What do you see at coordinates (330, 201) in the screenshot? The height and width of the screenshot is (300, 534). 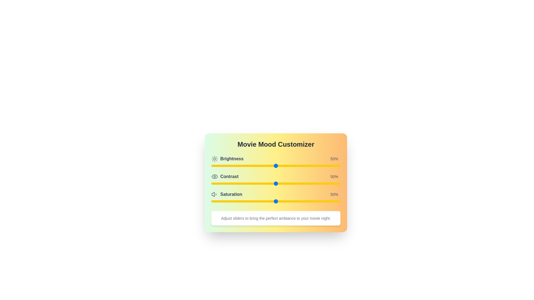 I see `the saturation level` at bounding box center [330, 201].